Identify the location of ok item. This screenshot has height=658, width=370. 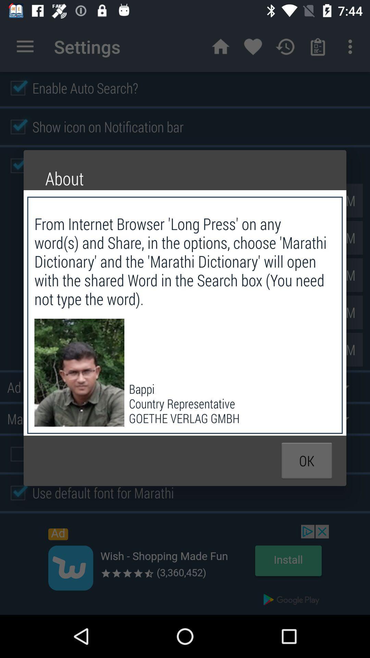
(306, 461).